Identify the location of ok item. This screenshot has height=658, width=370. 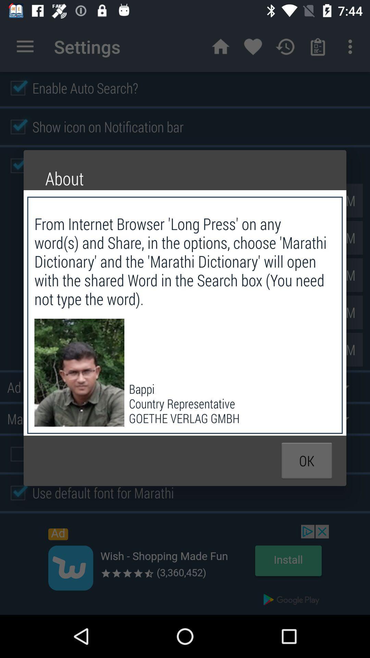
(306, 461).